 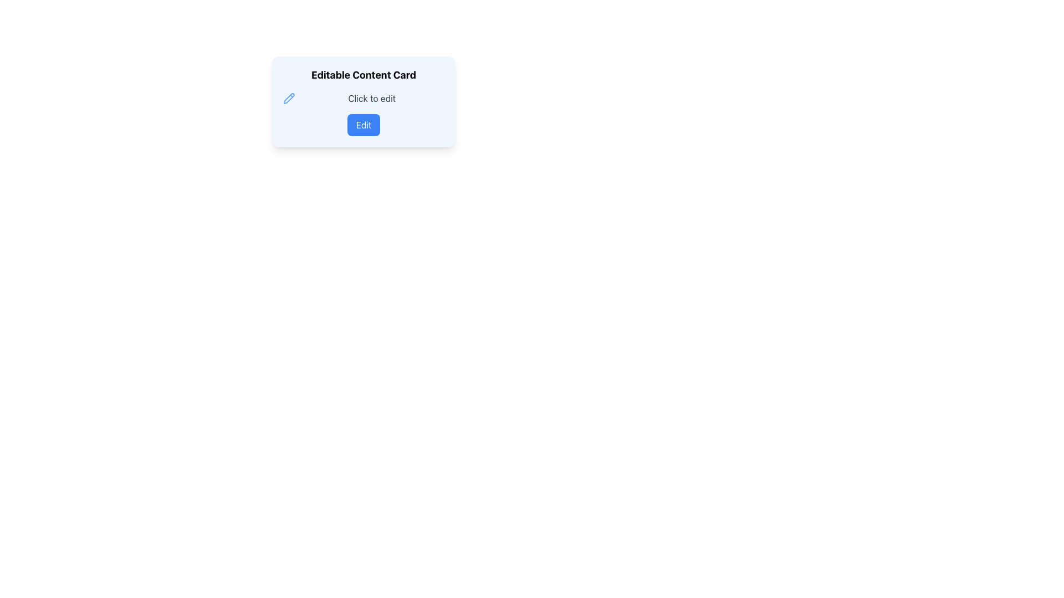 I want to click on the blue-accented pencil icon located in the top-left portion of the primary editable content card, so click(x=289, y=97).